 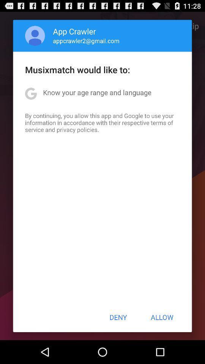 I want to click on the icon below the by continuing you item, so click(x=118, y=317).